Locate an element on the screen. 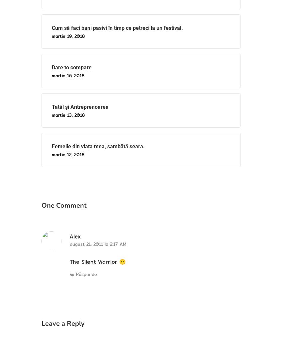 This screenshot has height=340, width=282. 'martie 16, 2018' is located at coordinates (51, 75).